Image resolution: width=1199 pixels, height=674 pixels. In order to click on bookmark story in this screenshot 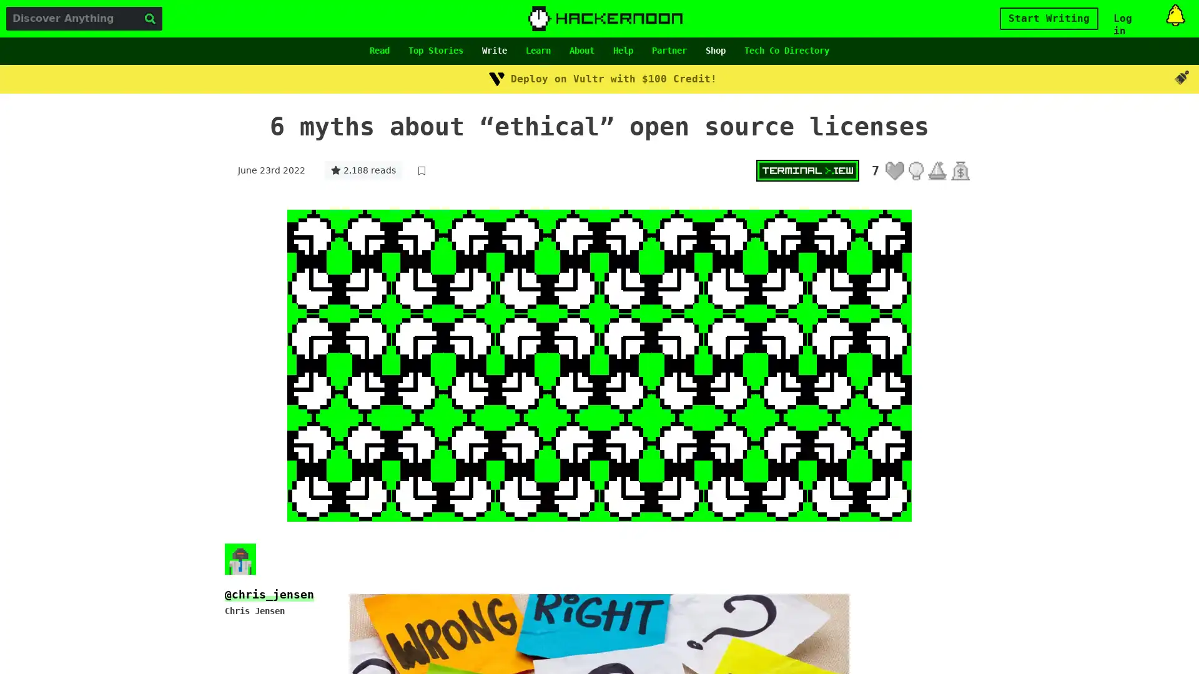, I will do `click(422, 170)`.